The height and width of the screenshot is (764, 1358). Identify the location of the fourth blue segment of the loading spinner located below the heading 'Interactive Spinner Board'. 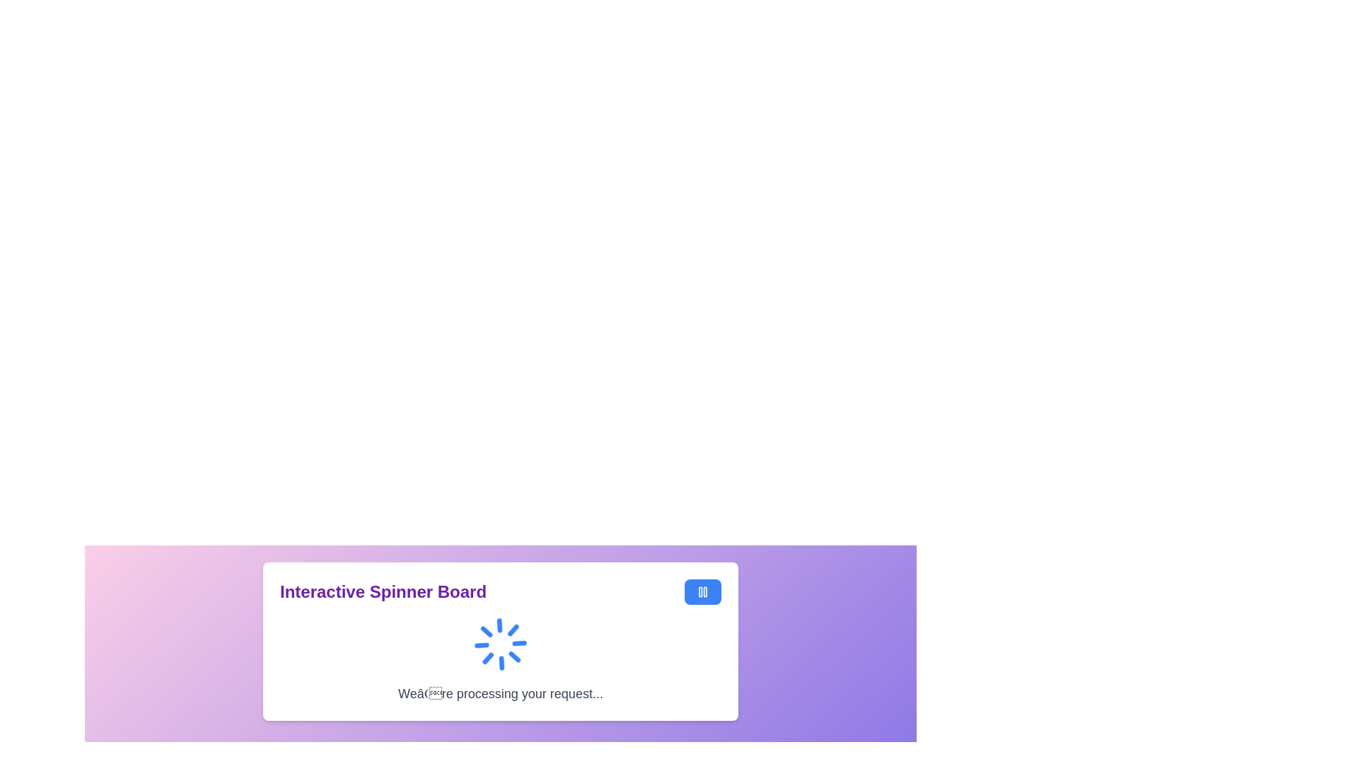
(487, 630).